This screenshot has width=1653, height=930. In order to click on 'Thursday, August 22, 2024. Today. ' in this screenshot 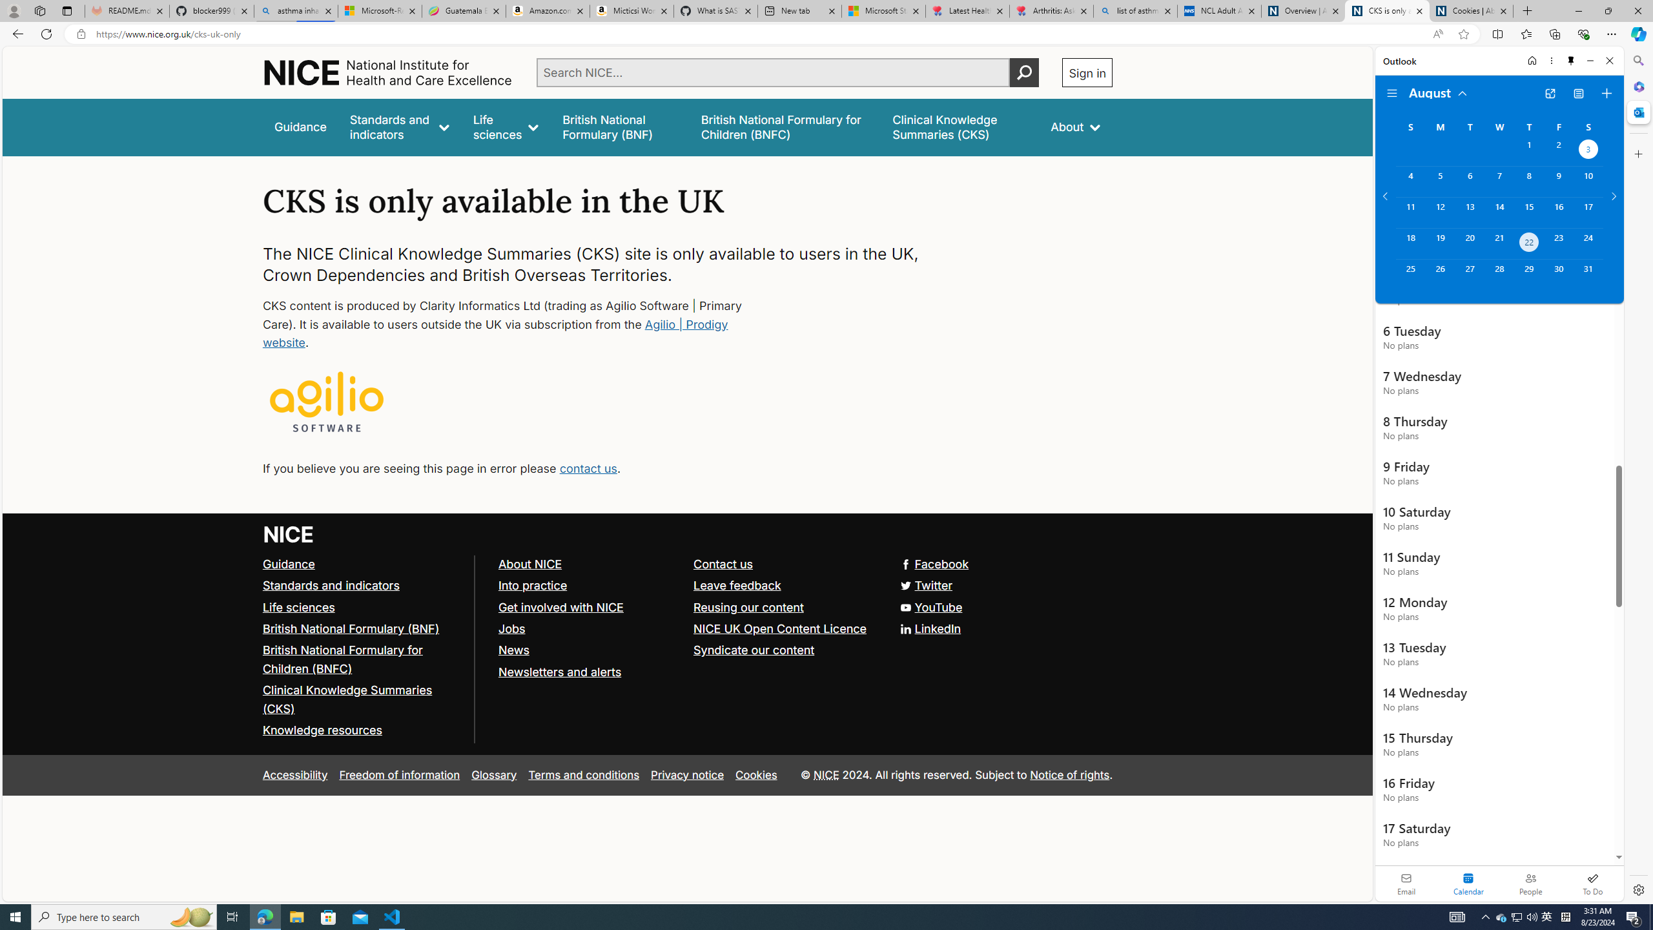, I will do `click(1529, 243)`.